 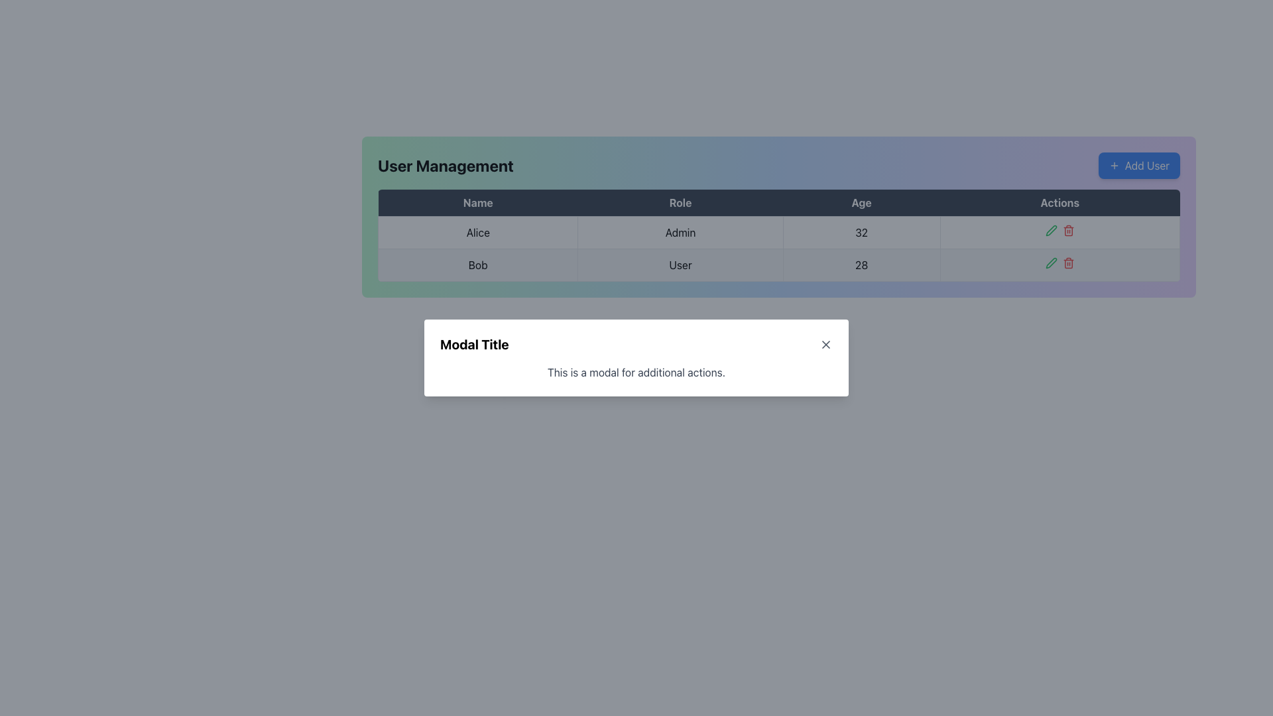 What do you see at coordinates (477, 265) in the screenshot?
I see `the Text label displaying 'Bob' located in the first column of the second row under the 'Name' column in the table` at bounding box center [477, 265].